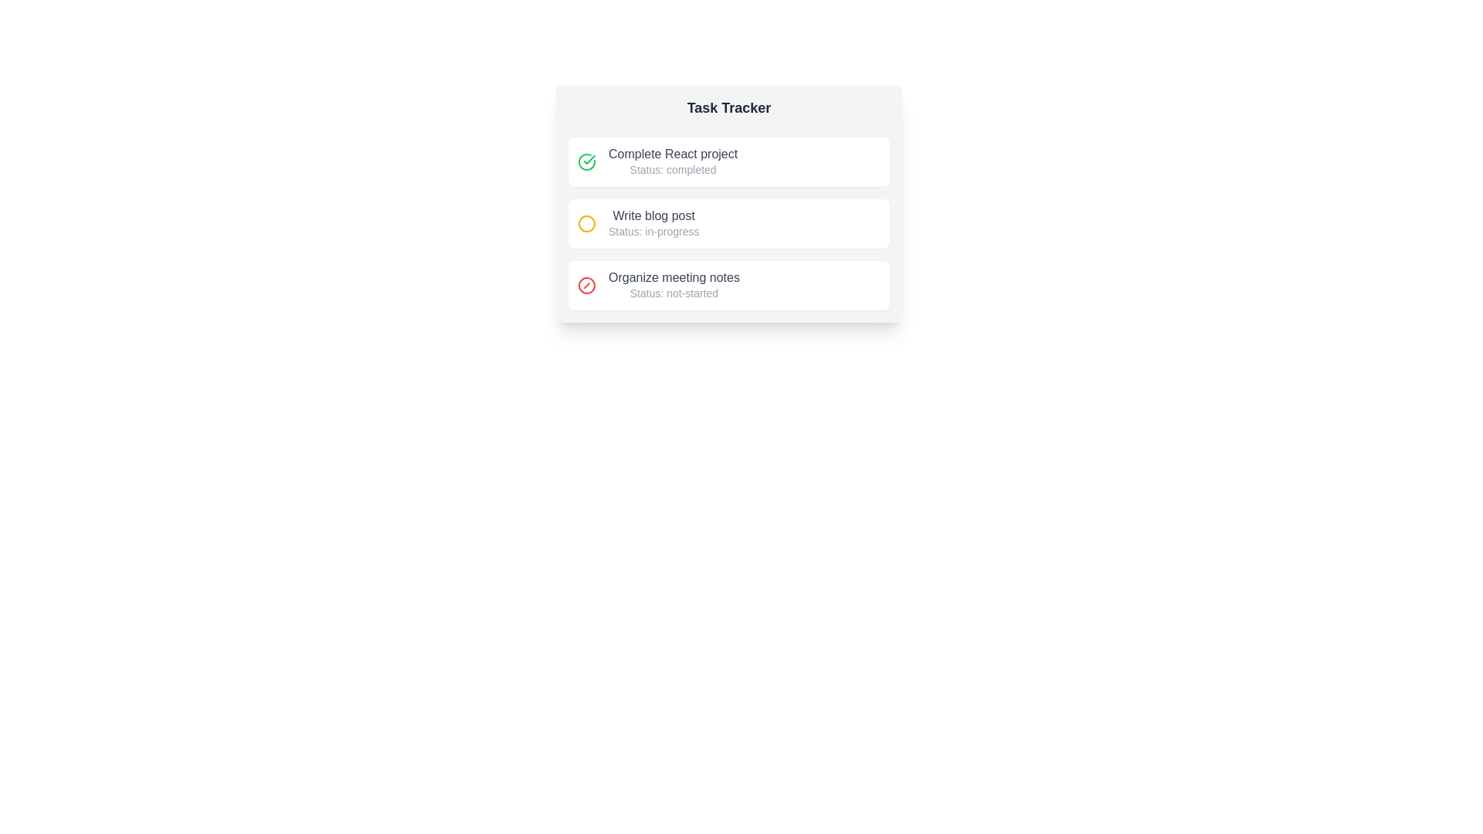 The height and width of the screenshot is (834, 1483). I want to click on the completed status icon for the 'Complete React project' task in the task tracker interface, so click(589, 160).